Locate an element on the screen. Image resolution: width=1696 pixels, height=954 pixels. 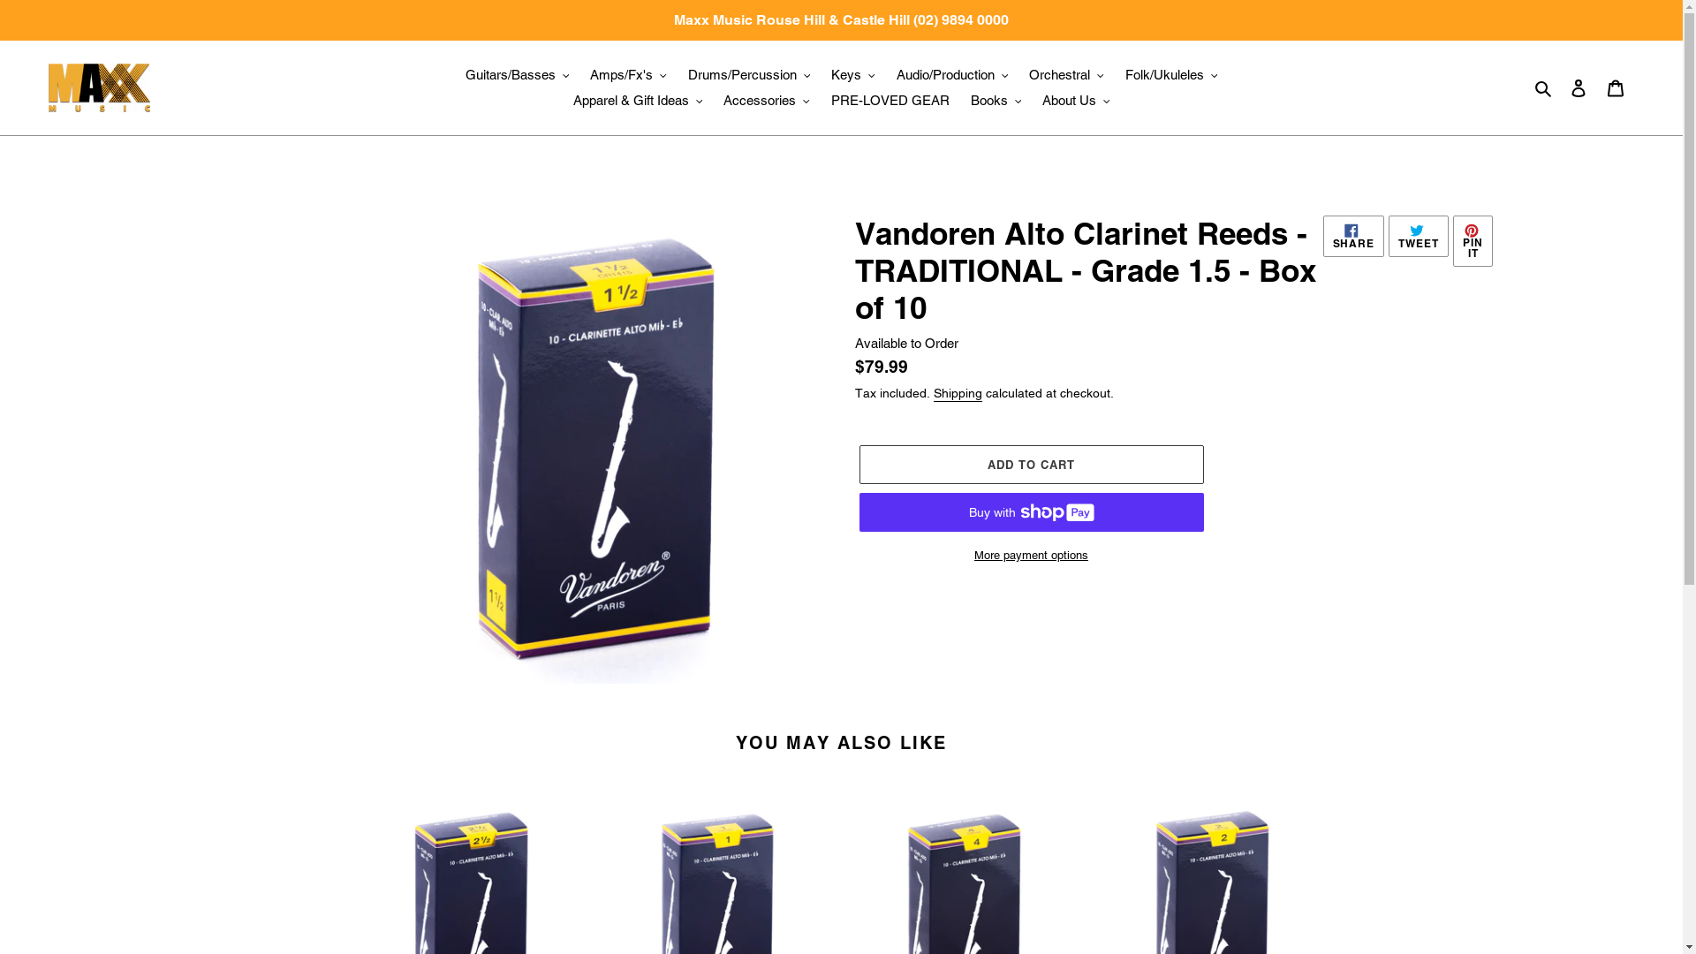
'Drums/Percussion' is located at coordinates (678, 74).